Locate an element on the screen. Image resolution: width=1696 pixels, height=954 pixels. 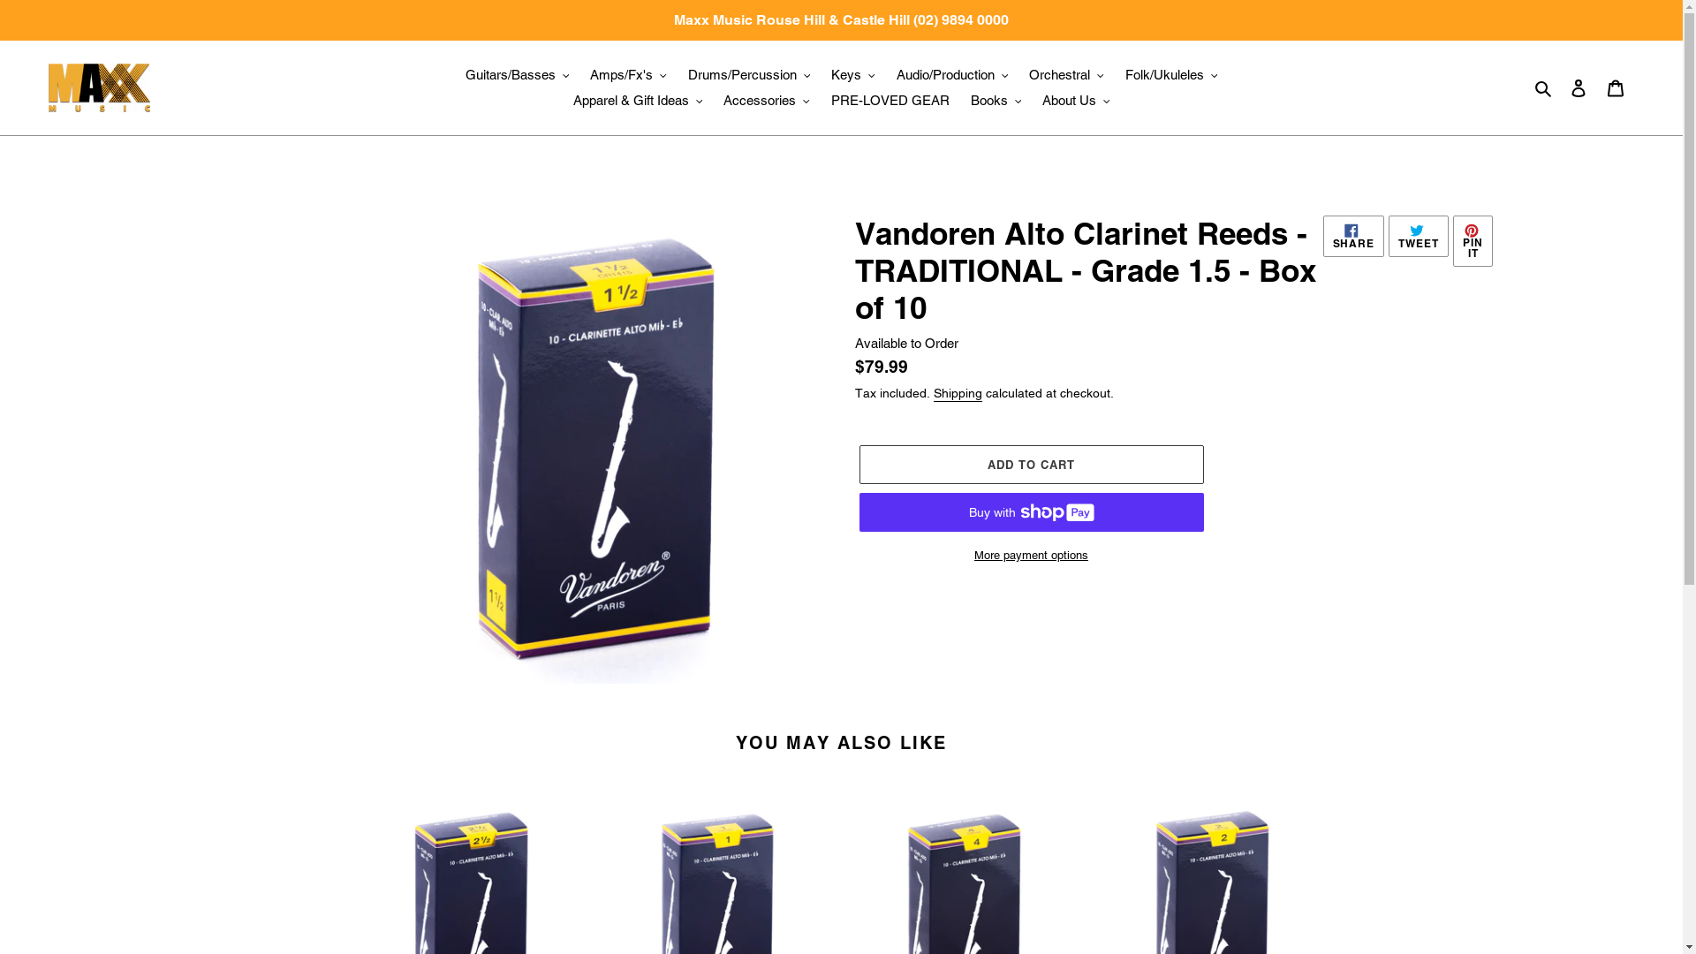
'Drums/Percussion' is located at coordinates (678, 74).